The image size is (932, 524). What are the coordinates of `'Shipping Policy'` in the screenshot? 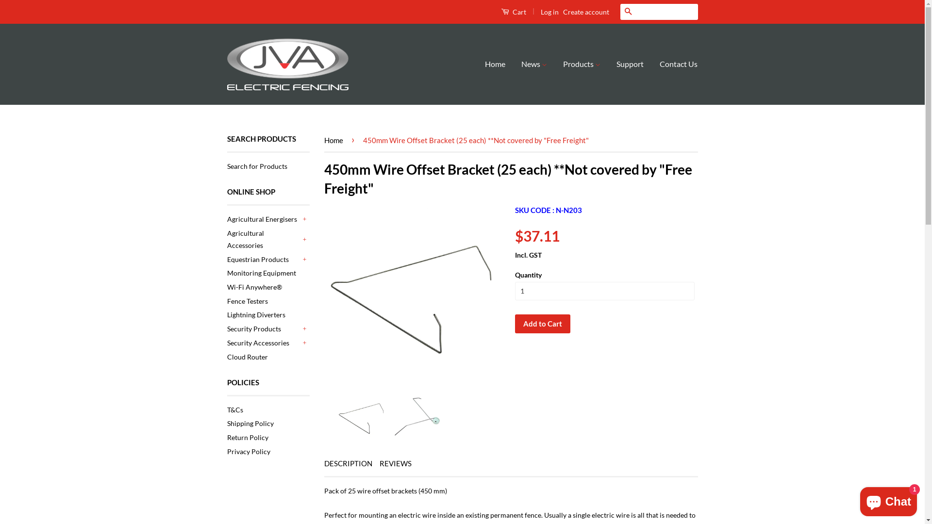 It's located at (250, 423).